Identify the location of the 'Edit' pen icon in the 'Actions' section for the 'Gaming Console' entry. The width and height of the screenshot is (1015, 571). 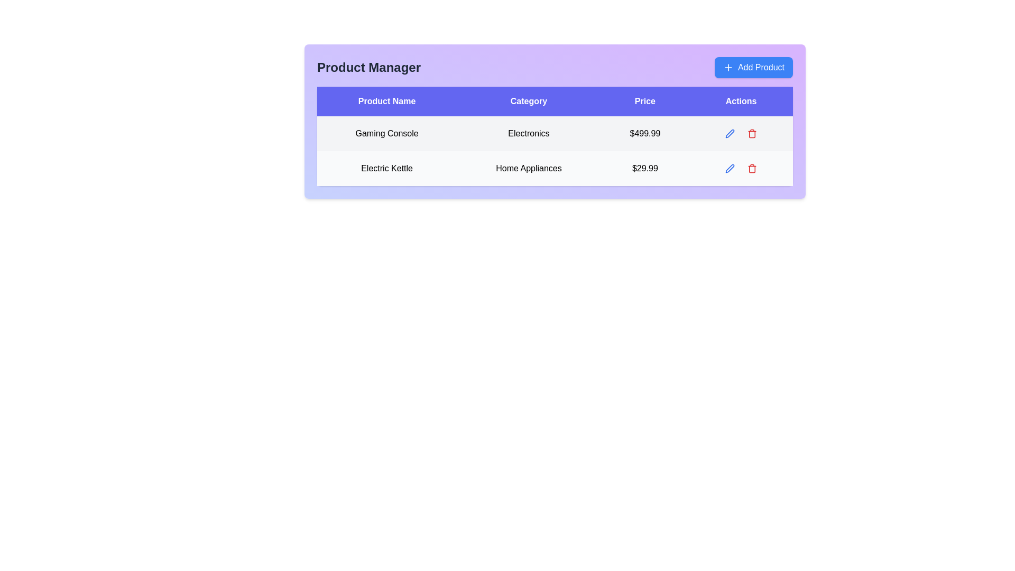
(730, 133).